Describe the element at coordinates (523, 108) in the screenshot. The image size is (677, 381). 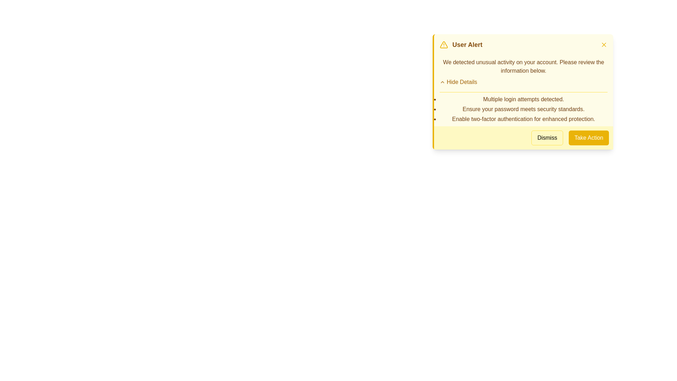
I see `the Informational text list that provides guidelines regarding account security, located within the alert box, below the 'Hide Details' link and above the 'Dismiss' and 'Take Action' buttons` at that location.